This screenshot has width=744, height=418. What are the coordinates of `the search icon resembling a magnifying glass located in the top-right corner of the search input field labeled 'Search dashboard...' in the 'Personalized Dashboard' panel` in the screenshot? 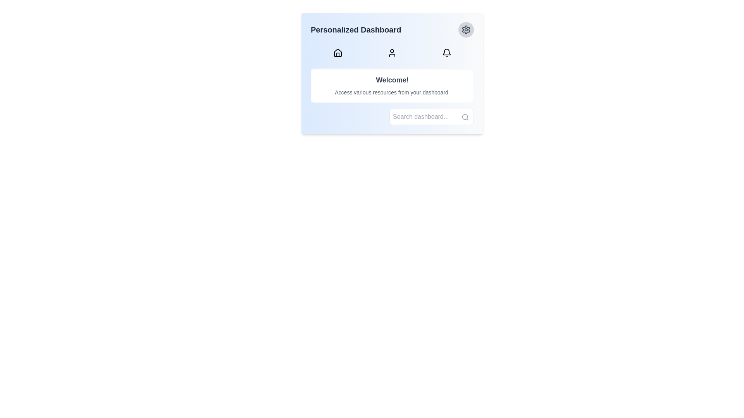 It's located at (465, 117).